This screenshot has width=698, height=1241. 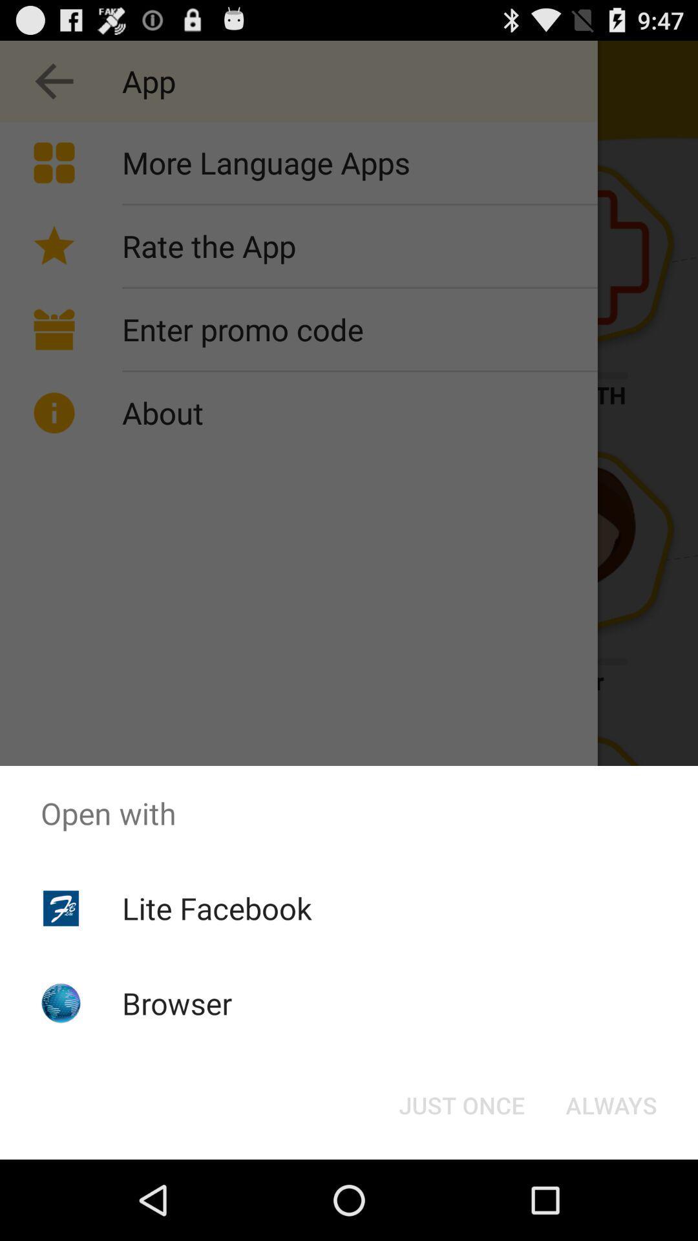 I want to click on lite facebook item, so click(x=216, y=907).